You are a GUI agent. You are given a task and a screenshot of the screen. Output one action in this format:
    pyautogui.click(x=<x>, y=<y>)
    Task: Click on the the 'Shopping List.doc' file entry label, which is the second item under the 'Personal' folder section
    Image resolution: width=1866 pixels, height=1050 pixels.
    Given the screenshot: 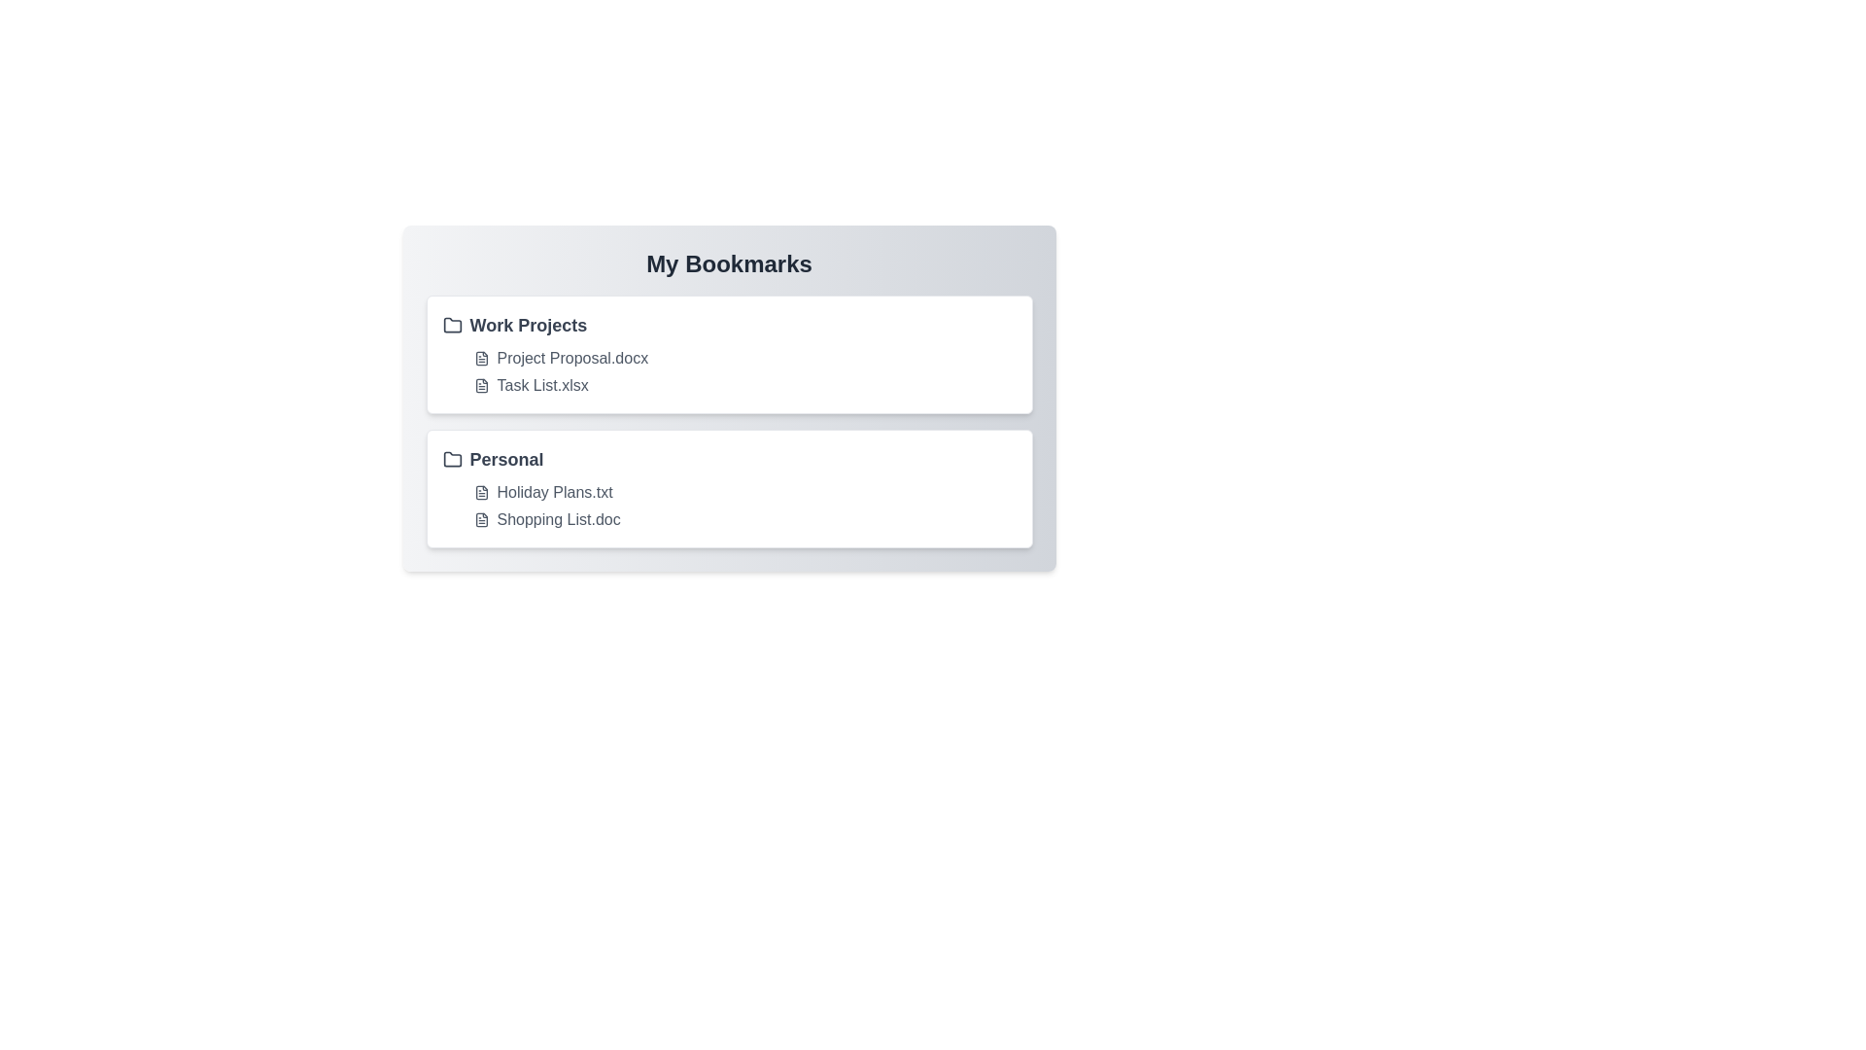 What is the action you would take?
    pyautogui.click(x=558, y=519)
    